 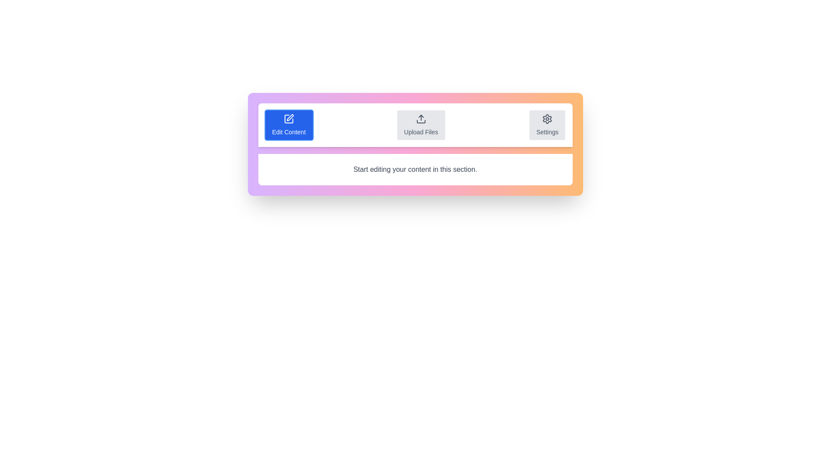 What do you see at coordinates (547, 119) in the screenshot?
I see `the settings icon button` at bounding box center [547, 119].